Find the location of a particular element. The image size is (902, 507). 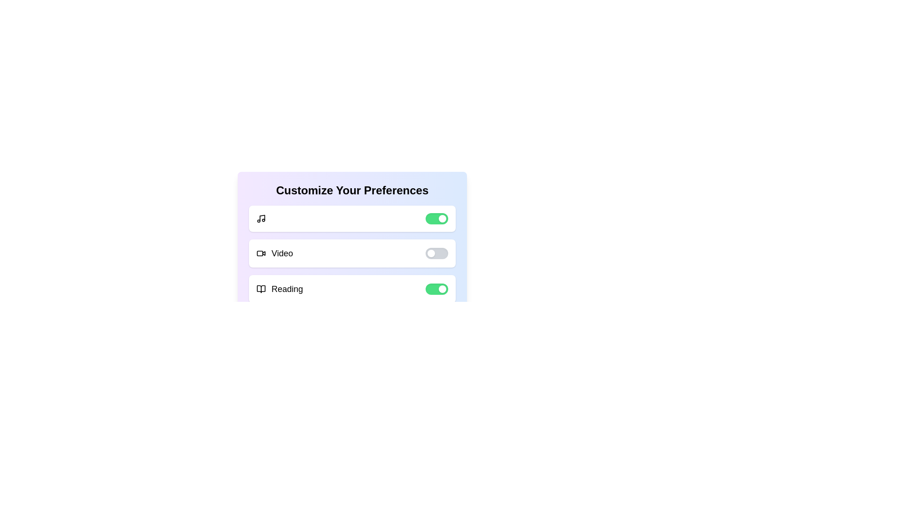

the 'Reading' toggle switch to change its state is located at coordinates (436, 289).